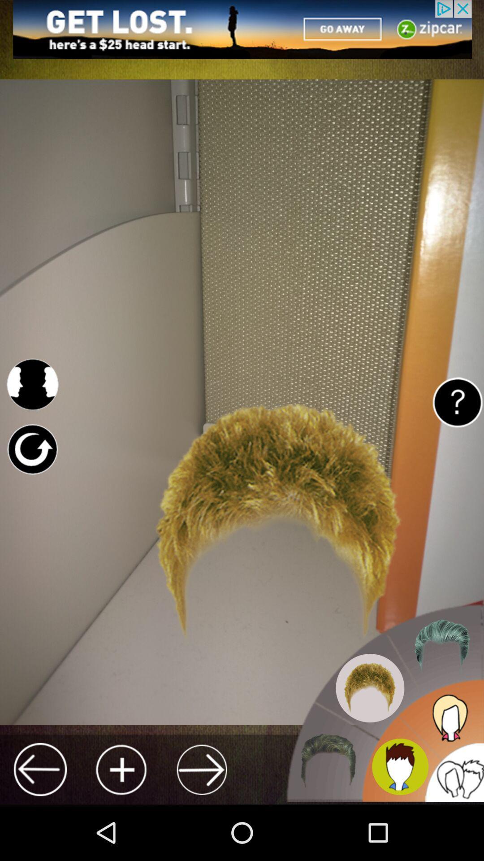 Image resolution: width=484 pixels, height=861 pixels. Describe the element at coordinates (39, 769) in the screenshot. I see `go back` at that location.